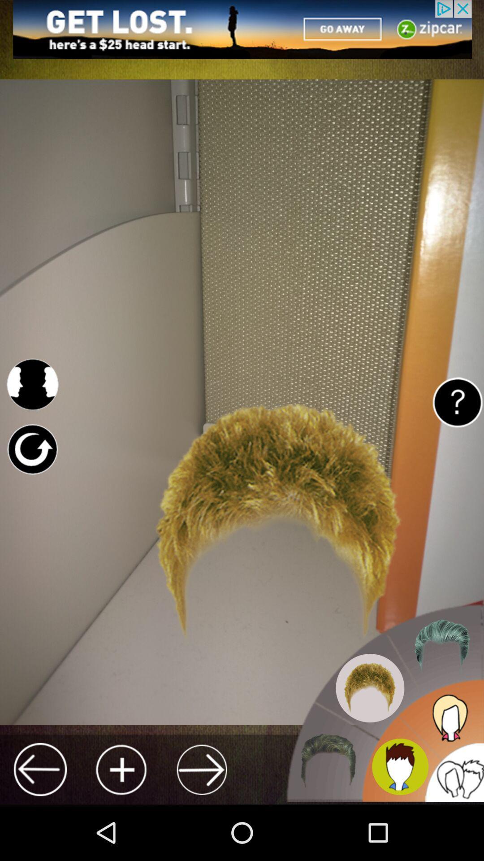 Image resolution: width=484 pixels, height=861 pixels. Describe the element at coordinates (39, 769) in the screenshot. I see `go back` at that location.